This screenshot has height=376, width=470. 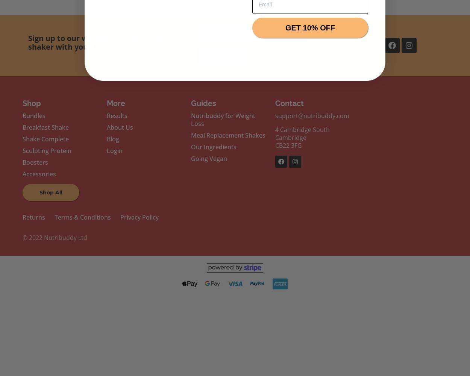 What do you see at coordinates (106, 127) in the screenshot?
I see `'About Us'` at bounding box center [106, 127].